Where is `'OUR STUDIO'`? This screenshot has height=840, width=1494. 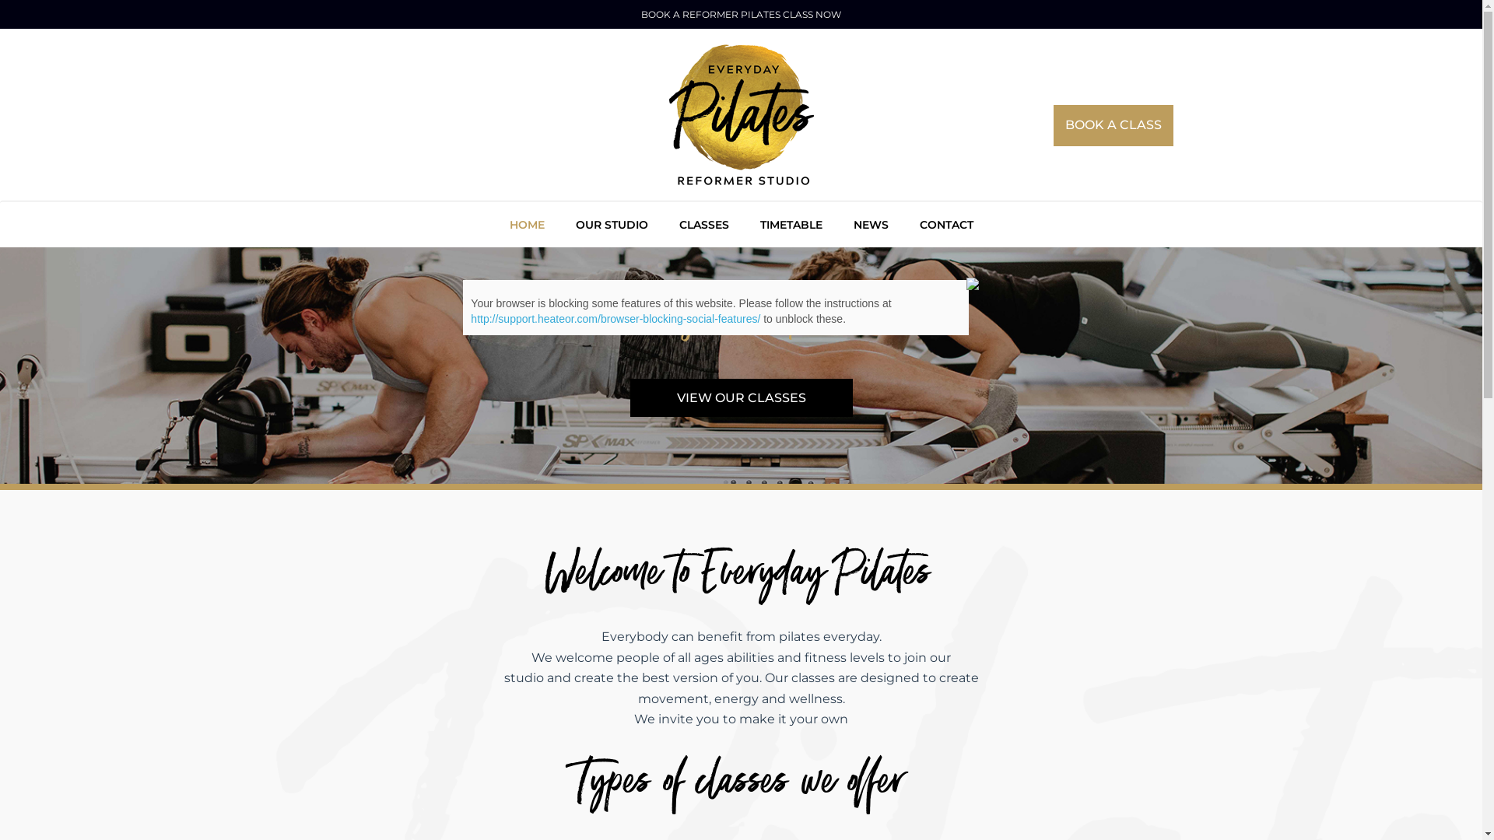 'OUR STUDIO' is located at coordinates (611, 222).